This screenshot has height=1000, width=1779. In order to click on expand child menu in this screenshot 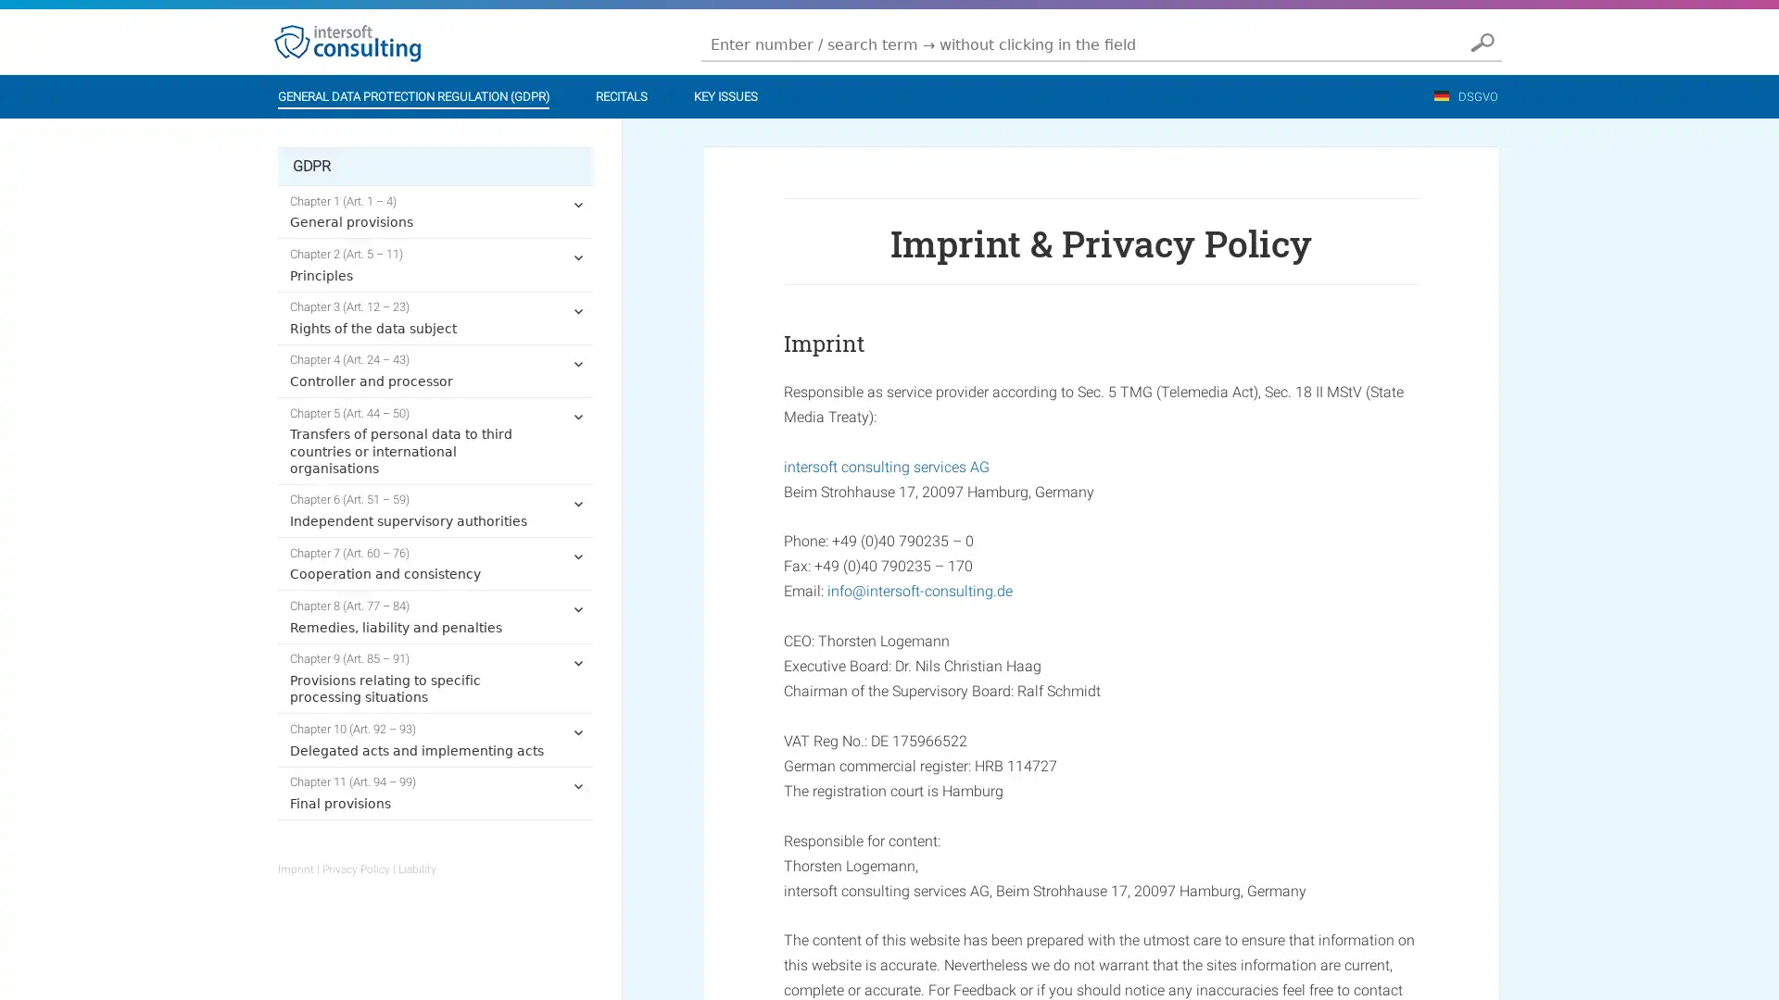, I will do `click(577, 309)`.